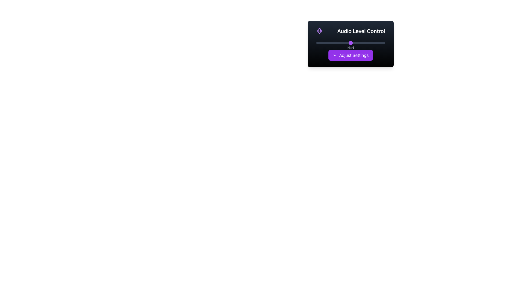  I want to click on the slider value, so click(379, 42).